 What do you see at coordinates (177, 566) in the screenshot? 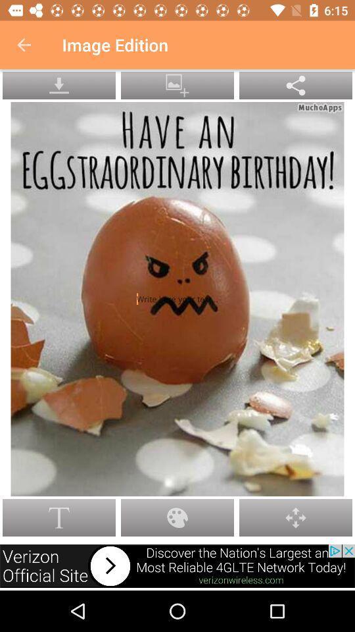
I see `advertisements button` at bounding box center [177, 566].